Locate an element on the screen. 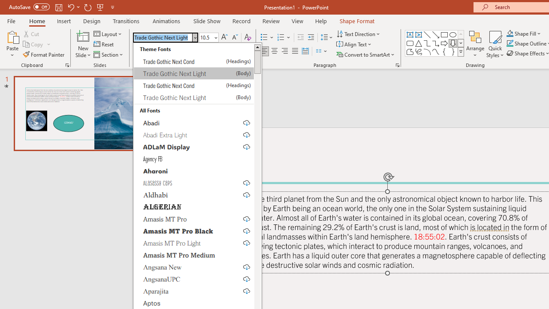 The image size is (549, 309). 'More Options' is located at coordinates (528, 33).